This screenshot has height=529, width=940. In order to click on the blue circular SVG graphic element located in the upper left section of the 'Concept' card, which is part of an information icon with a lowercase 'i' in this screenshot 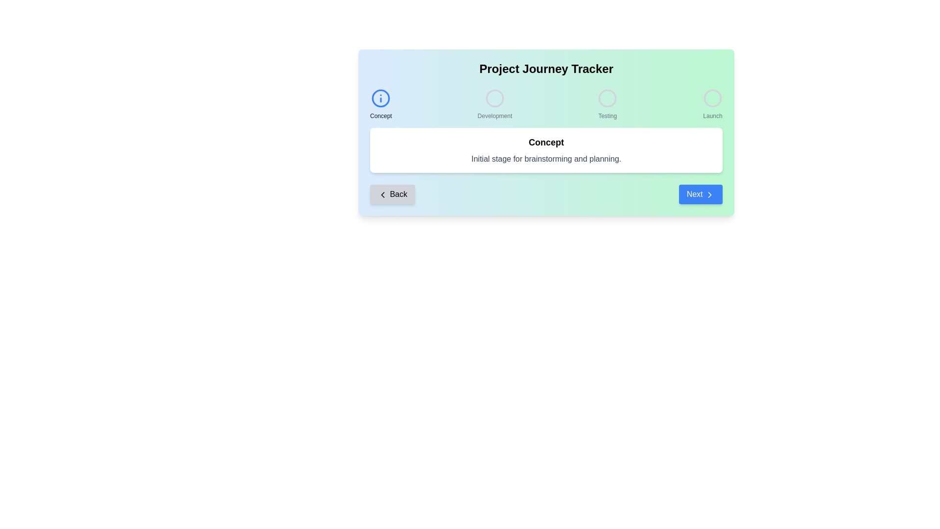, I will do `click(380, 98)`.